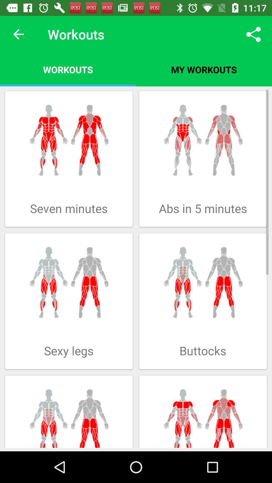 This screenshot has height=483, width=272. I want to click on app to the right of the workouts, so click(253, 34).